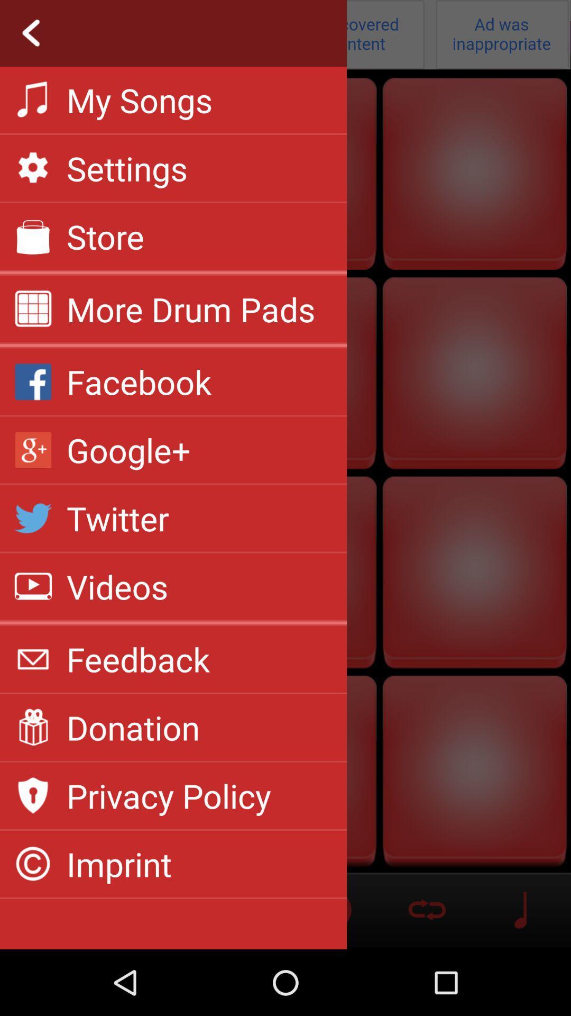 The width and height of the screenshot is (571, 1016). Describe the element at coordinates (105, 235) in the screenshot. I see `the store item` at that location.